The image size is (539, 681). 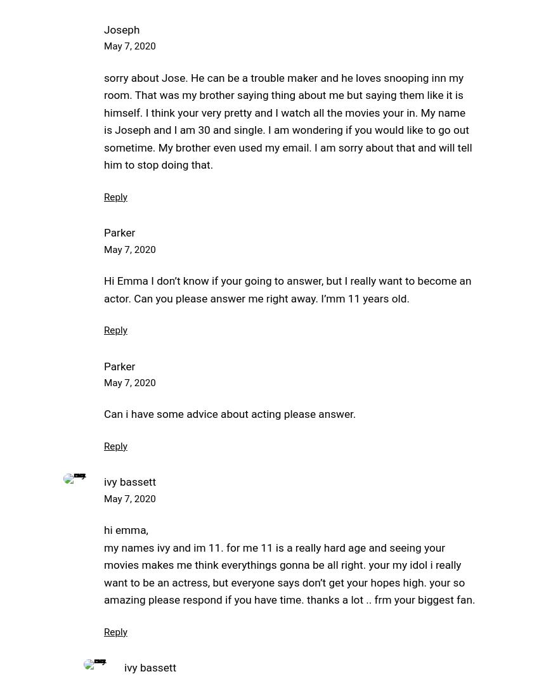 What do you see at coordinates (125, 530) in the screenshot?
I see `'hi emma,'` at bounding box center [125, 530].